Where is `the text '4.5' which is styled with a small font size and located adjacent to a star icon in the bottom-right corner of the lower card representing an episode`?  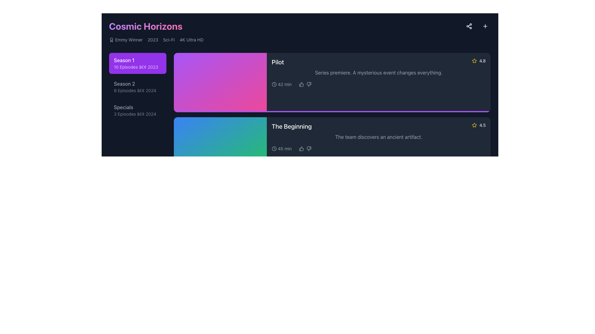 the text '4.5' which is styled with a small font size and located adjacent to a star icon in the bottom-right corner of the lower card representing an episode is located at coordinates (482, 125).